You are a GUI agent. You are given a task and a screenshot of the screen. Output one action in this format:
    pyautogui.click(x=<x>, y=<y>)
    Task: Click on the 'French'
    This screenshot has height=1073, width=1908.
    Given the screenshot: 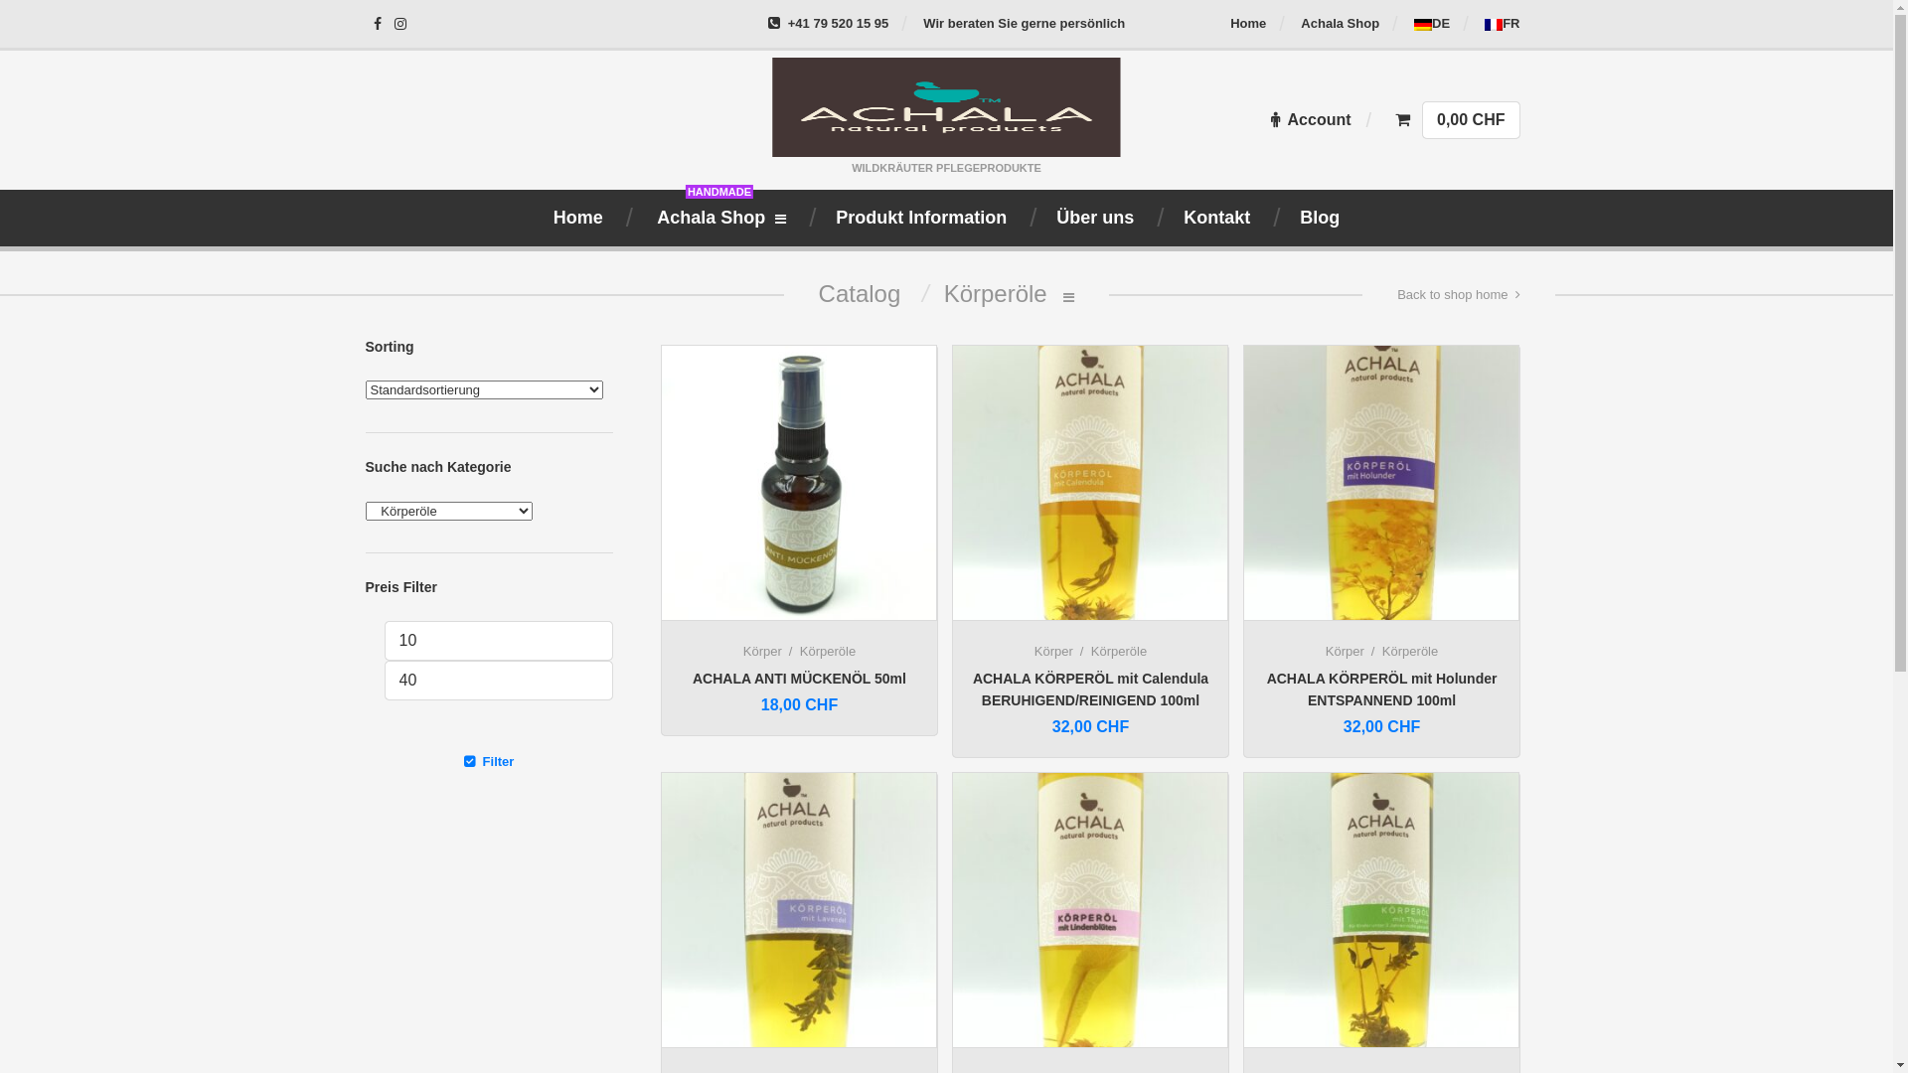 What is the action you would take?
    pyautogui.click(x=1493, y=24)
    